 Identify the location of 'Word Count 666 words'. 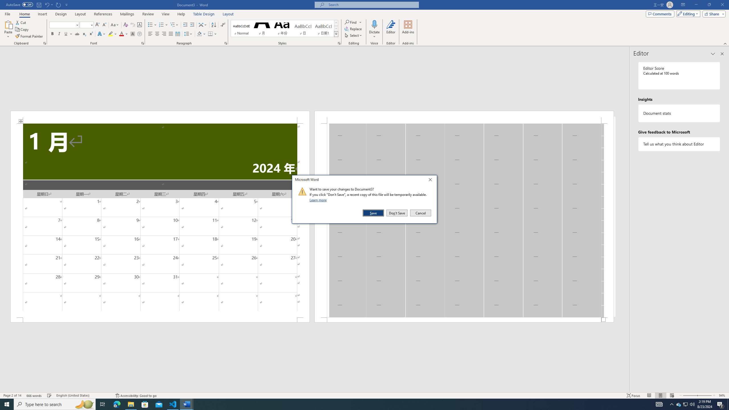
(34, 395).